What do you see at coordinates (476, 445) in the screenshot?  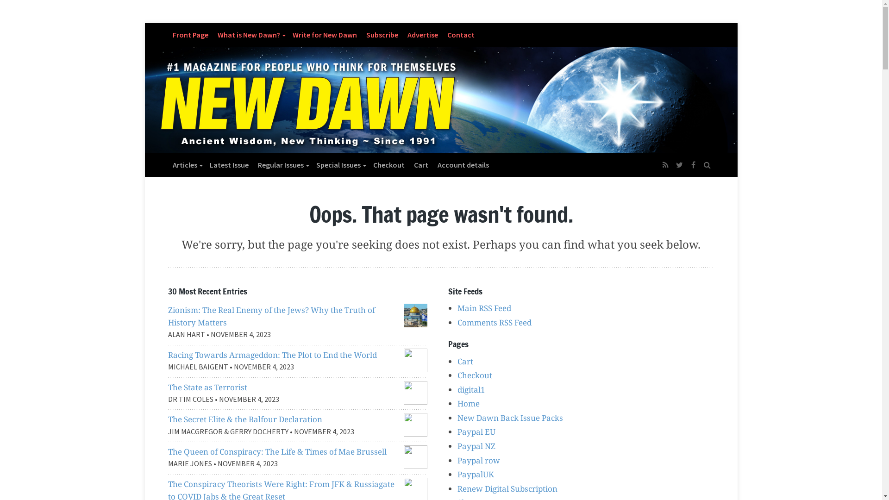 I see `'Paypal NZ'` at bounding box center [476, 445].